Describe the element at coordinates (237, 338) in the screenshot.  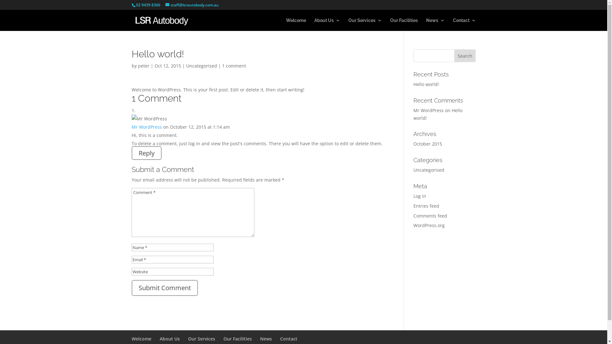
I see `'Our Facilities'` at that location.